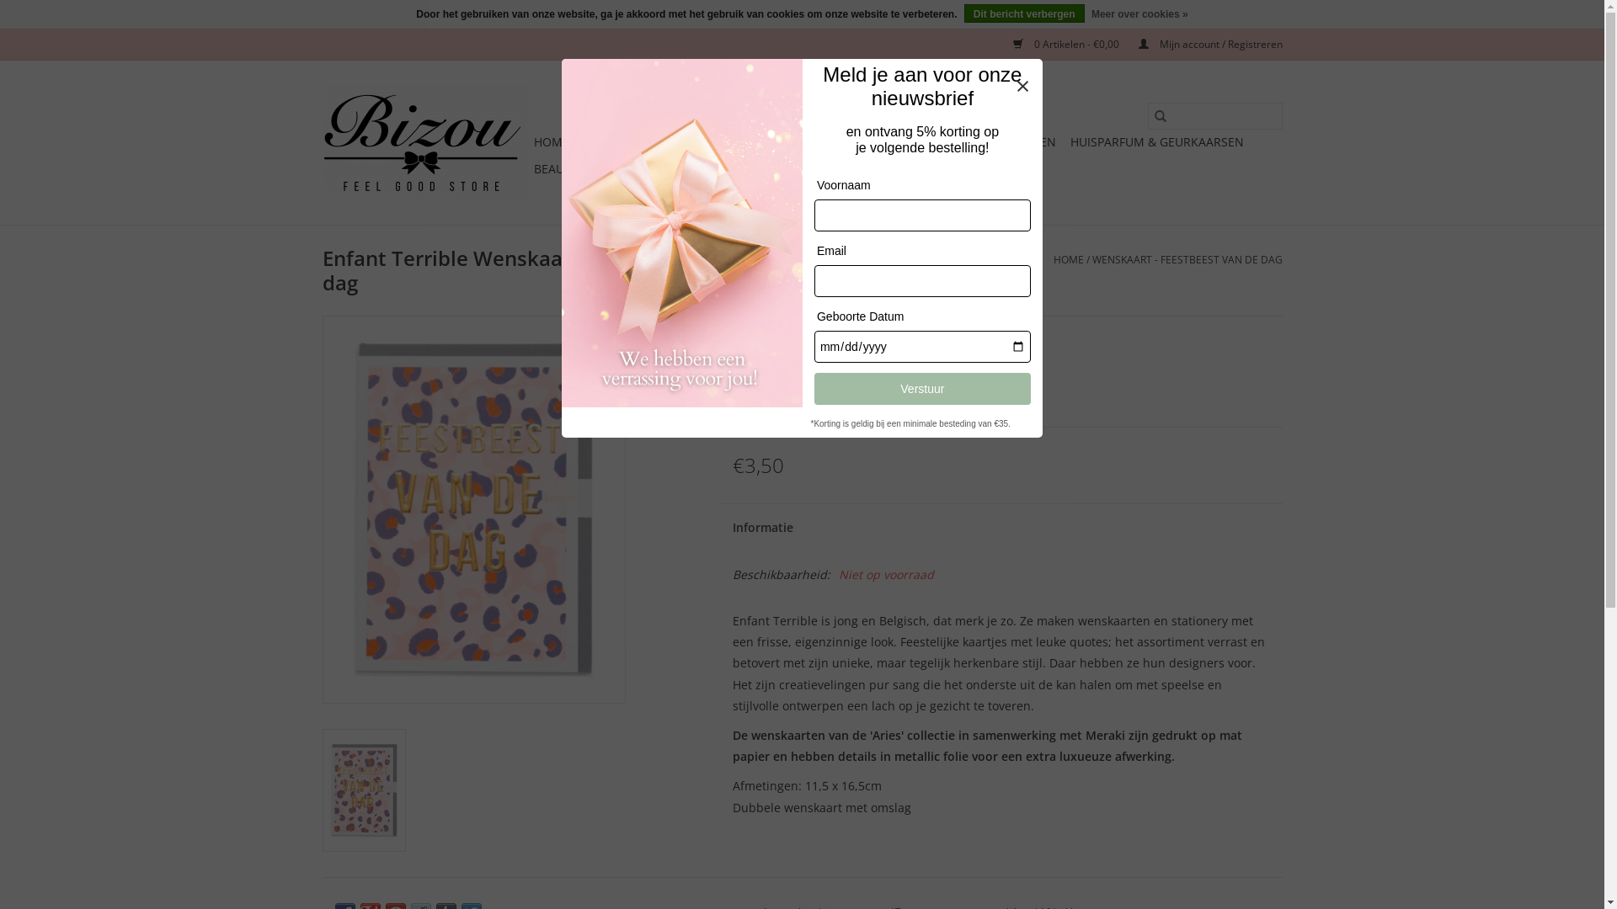  Describe the element at coordinates (622, 141) in the screenshot. I see `'BLACK FRIDAY'` at that location.